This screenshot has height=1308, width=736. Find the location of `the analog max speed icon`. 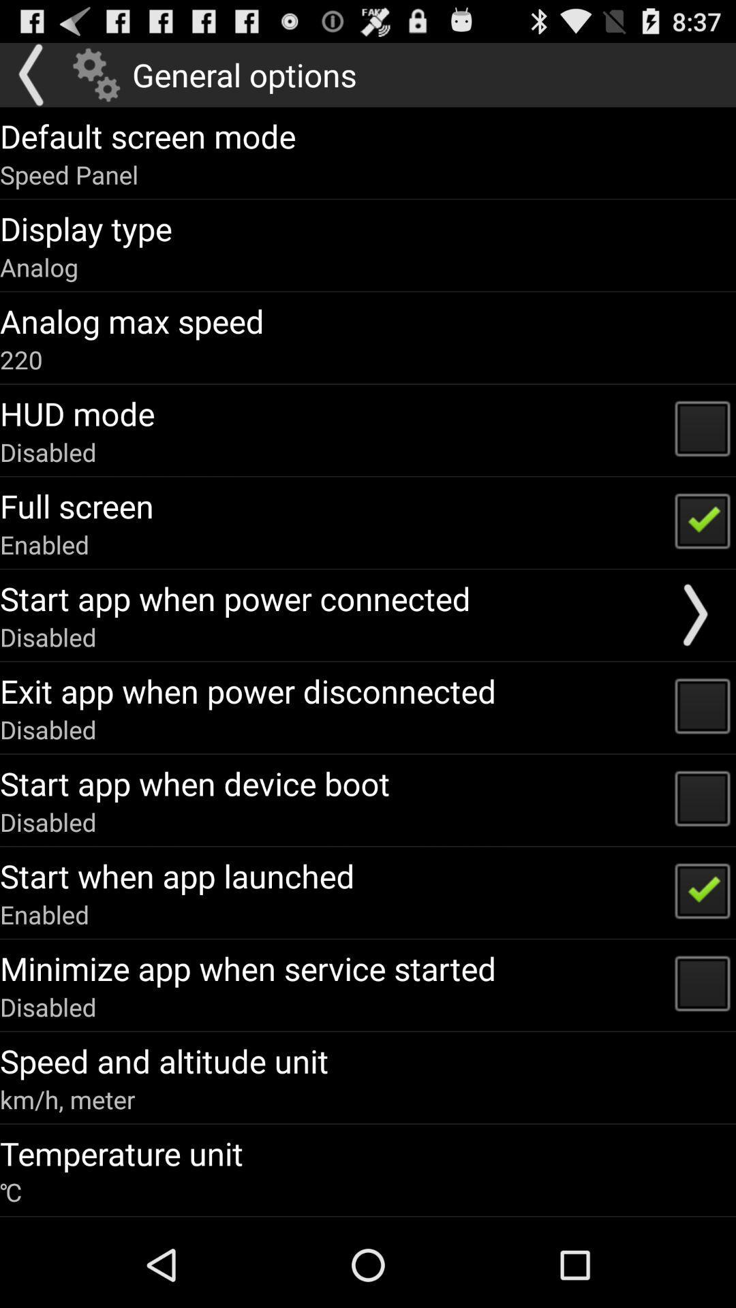

the analog max speed icon is located at coordinates (132, 320).